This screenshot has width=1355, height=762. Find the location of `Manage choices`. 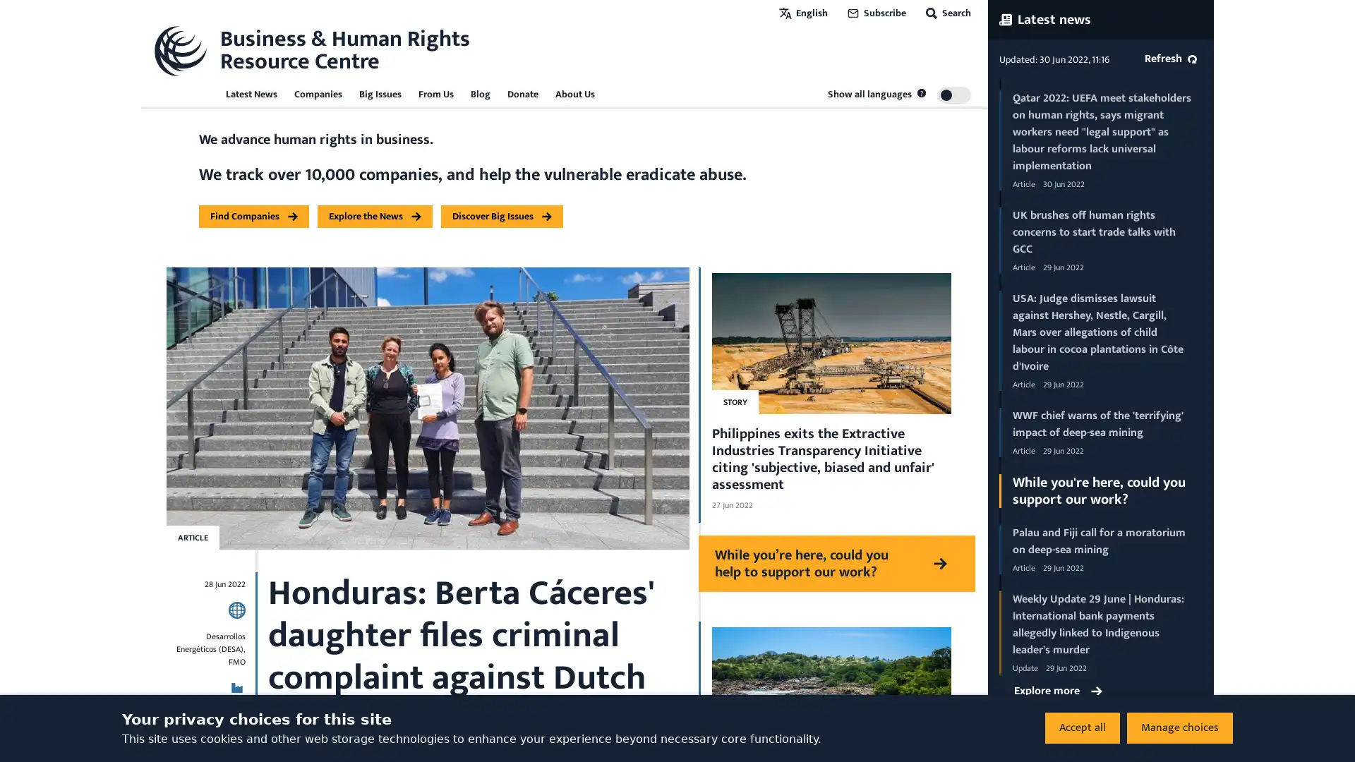

Manage choices is located at coordinates (1179, 728).